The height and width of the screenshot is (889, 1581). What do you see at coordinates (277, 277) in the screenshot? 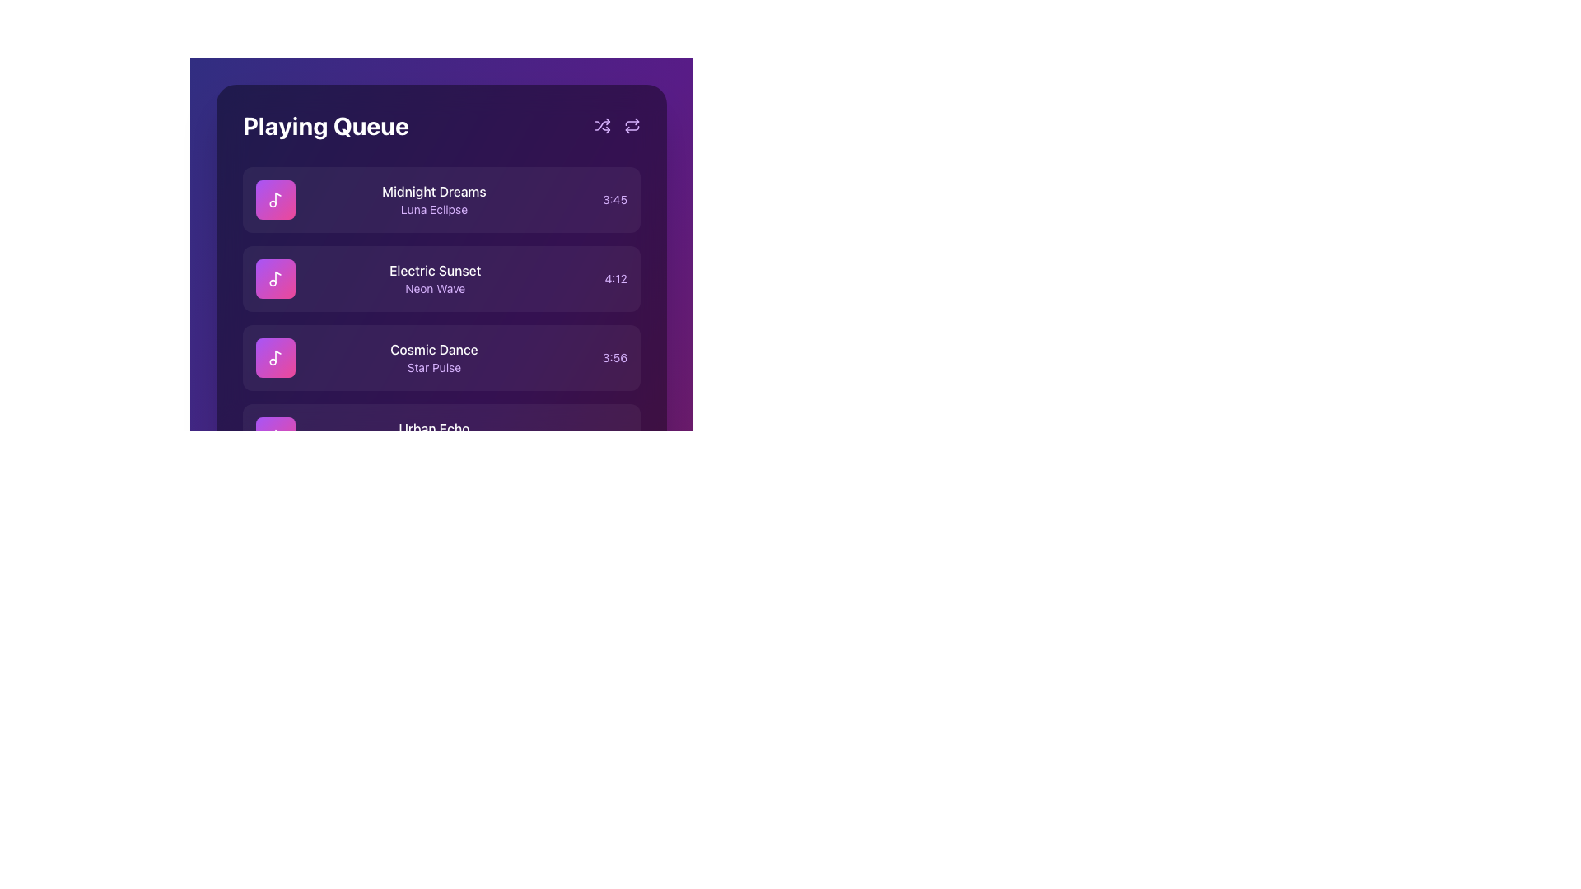
I see `the music track associated with the stylized musical note icon located next to the track titled 'Electric Sunset'` at bounding box center [277, 277].